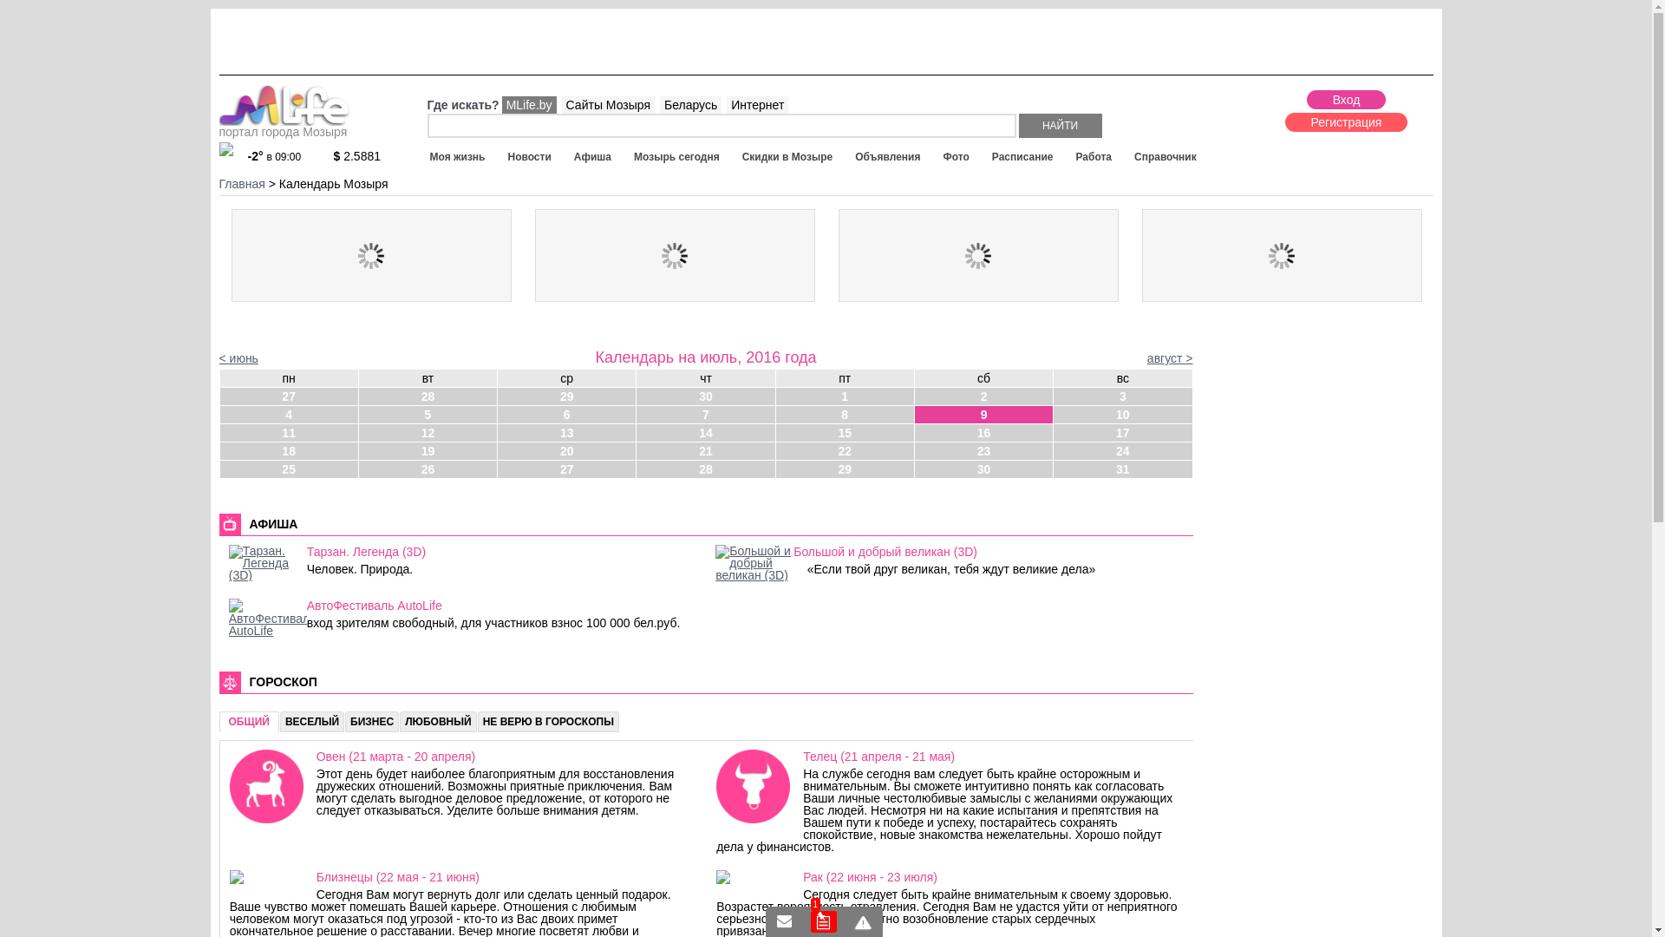 The height and width of the screenshot is (937, 1665). I want to click on '19', so click(428, 450).